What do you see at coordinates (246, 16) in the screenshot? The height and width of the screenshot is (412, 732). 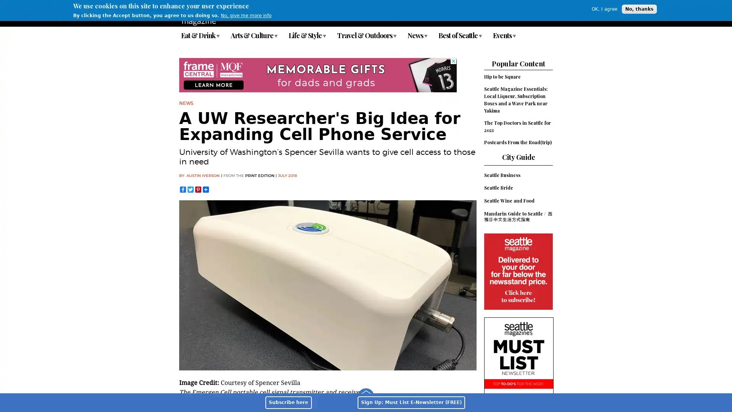 I see `No, give me more info` at bounding box center [246, 16].